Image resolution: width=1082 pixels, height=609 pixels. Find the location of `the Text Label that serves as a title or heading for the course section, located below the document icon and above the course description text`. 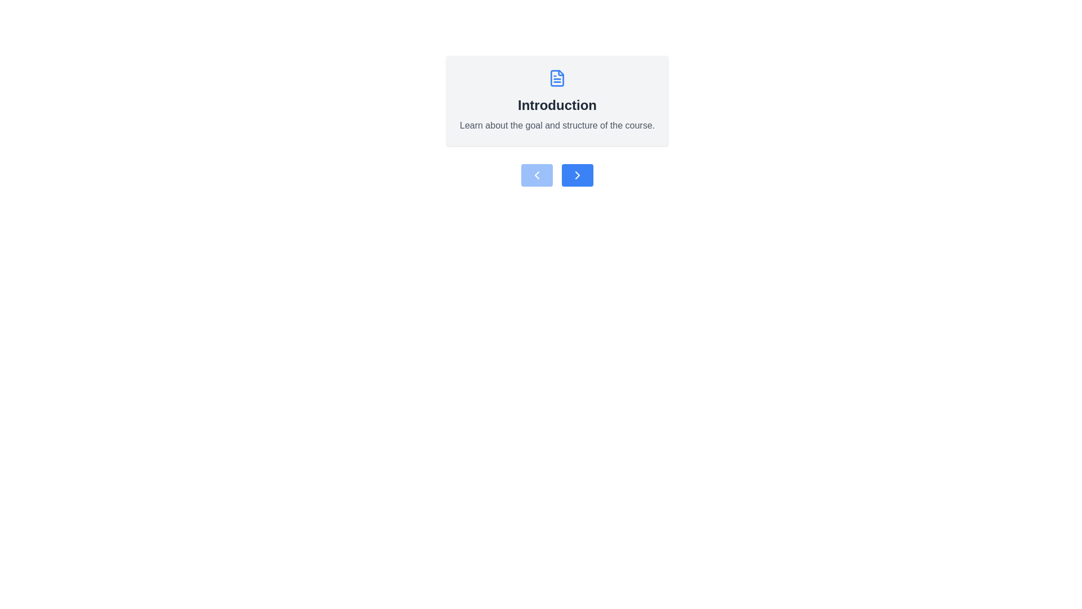

the Text Label that serves as a title or heading for the course section, located below the document icon and above the course description text is located at coordinates (557, 105).